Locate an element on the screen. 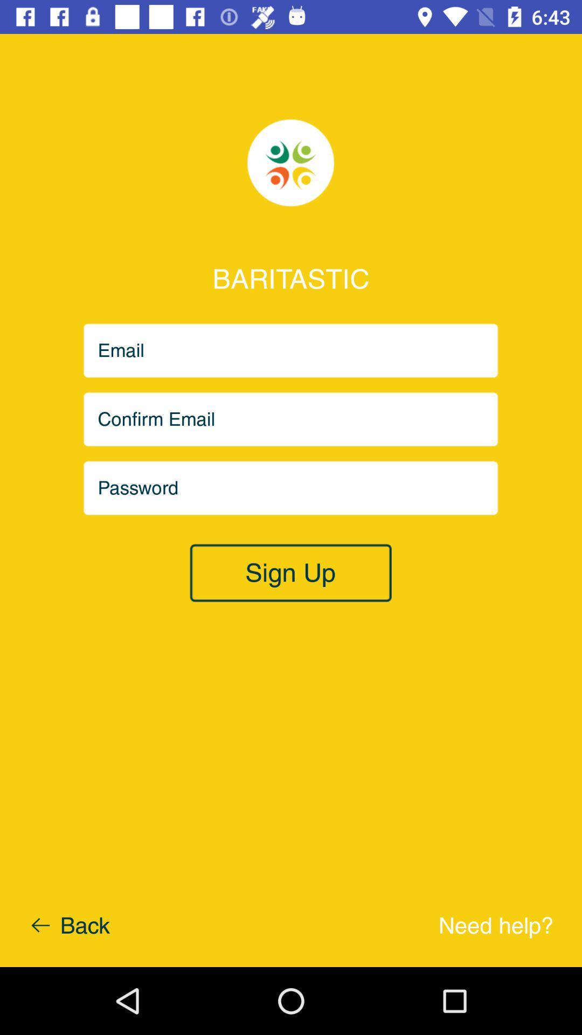  password input box is located at coordinates (291, 487).